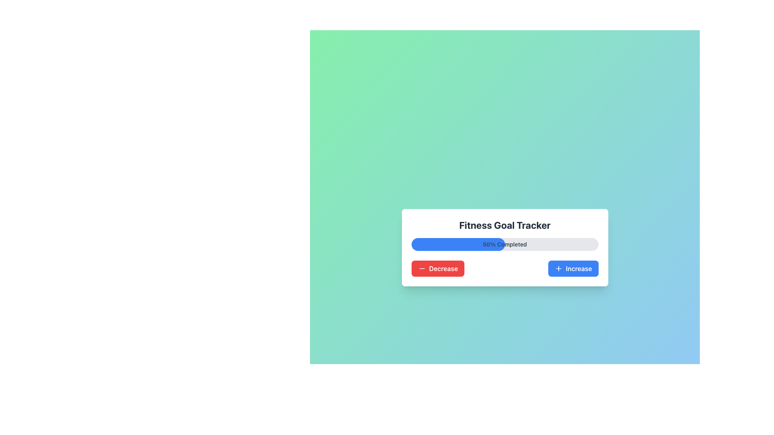  Describe the element at coordinates (458, 244) in the screenshot. I see `the blue progress bar segment that represents the filled portion of the progress bar, located at the top-center of the interface` at that location.